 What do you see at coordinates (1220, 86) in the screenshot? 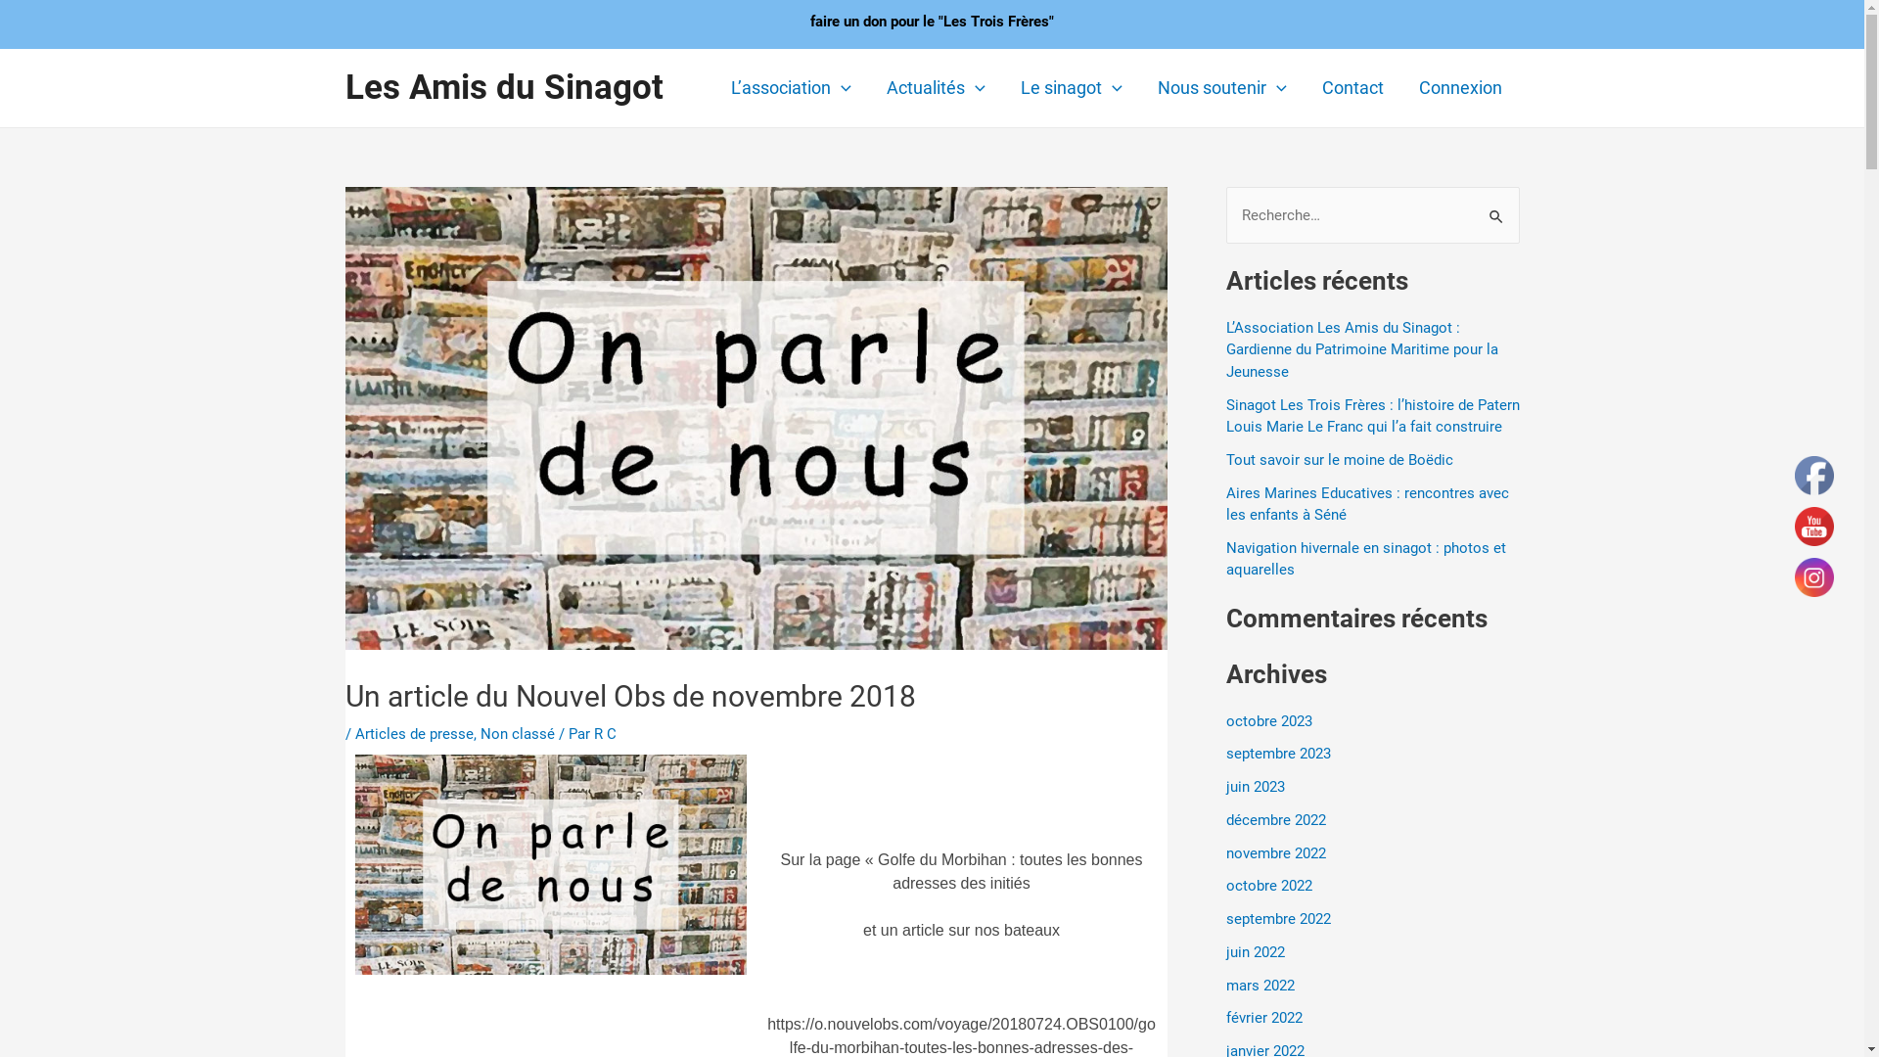
I see `'Nous soutenir'` at bounding box center [1220, 86].